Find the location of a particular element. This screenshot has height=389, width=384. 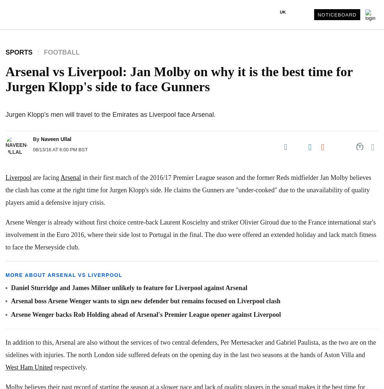

'- SME' is located at coordinates (15, 184).